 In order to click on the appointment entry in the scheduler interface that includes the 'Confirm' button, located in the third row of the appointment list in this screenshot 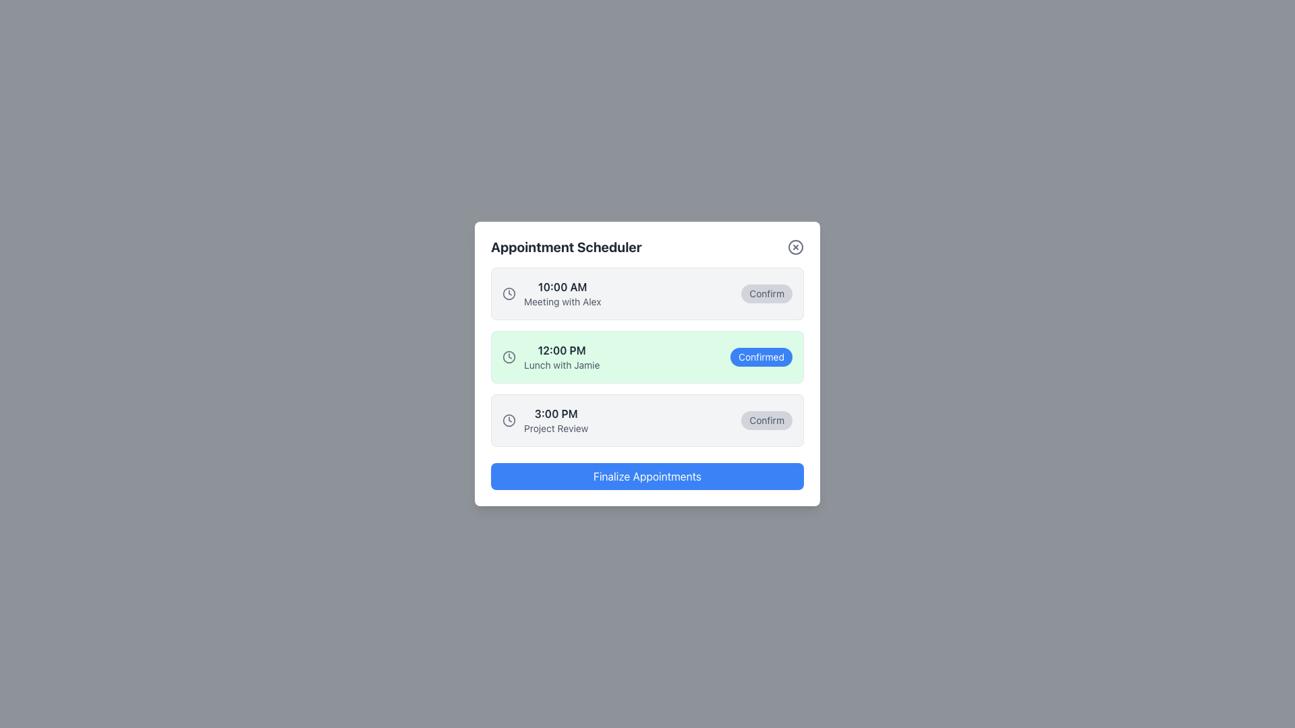, I will do `click(647, 420)`.